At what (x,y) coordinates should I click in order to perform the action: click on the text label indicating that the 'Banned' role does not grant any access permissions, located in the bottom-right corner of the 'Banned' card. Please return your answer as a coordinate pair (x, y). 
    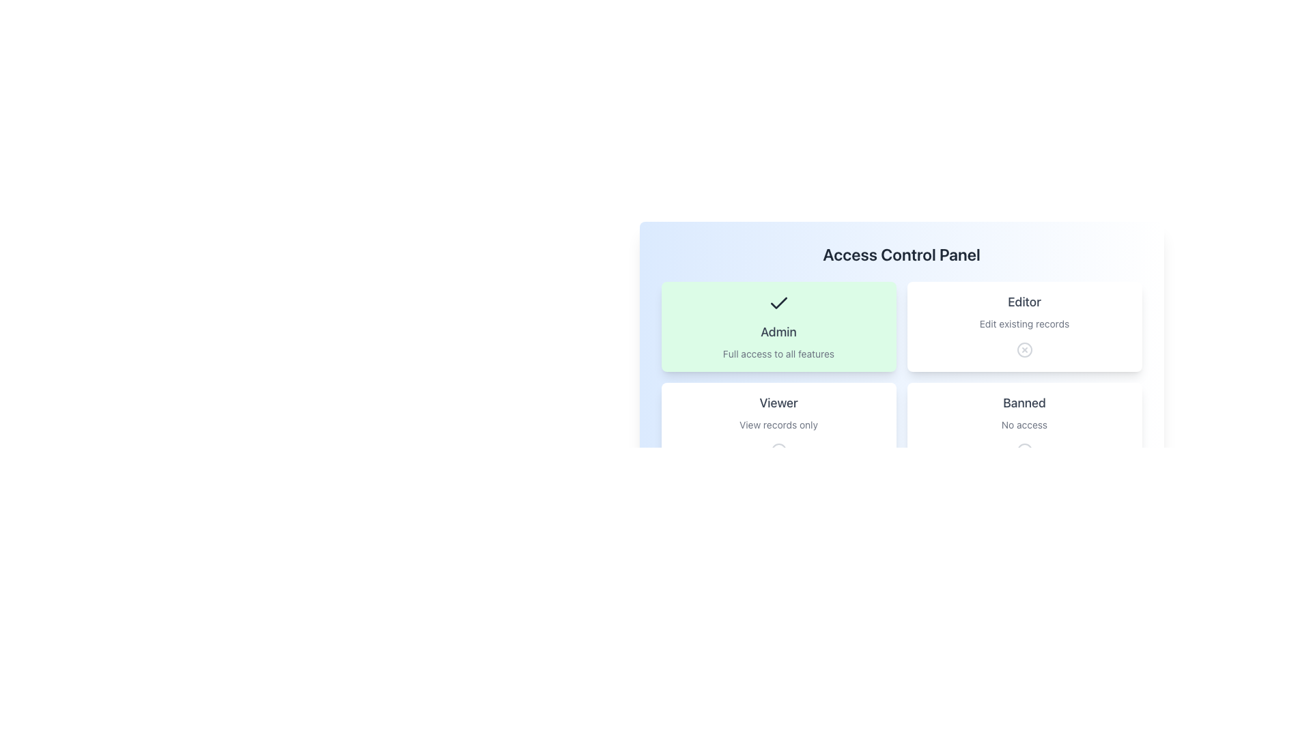
    Looking at the image, I should click on (1024, 424).